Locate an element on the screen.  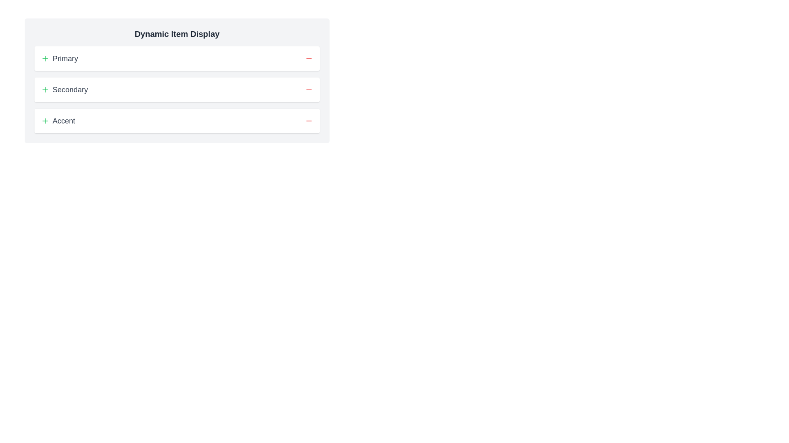
the interactive icon for adding or expanding related content associated with the 'Accent' category is located at coordinates (45, 121).